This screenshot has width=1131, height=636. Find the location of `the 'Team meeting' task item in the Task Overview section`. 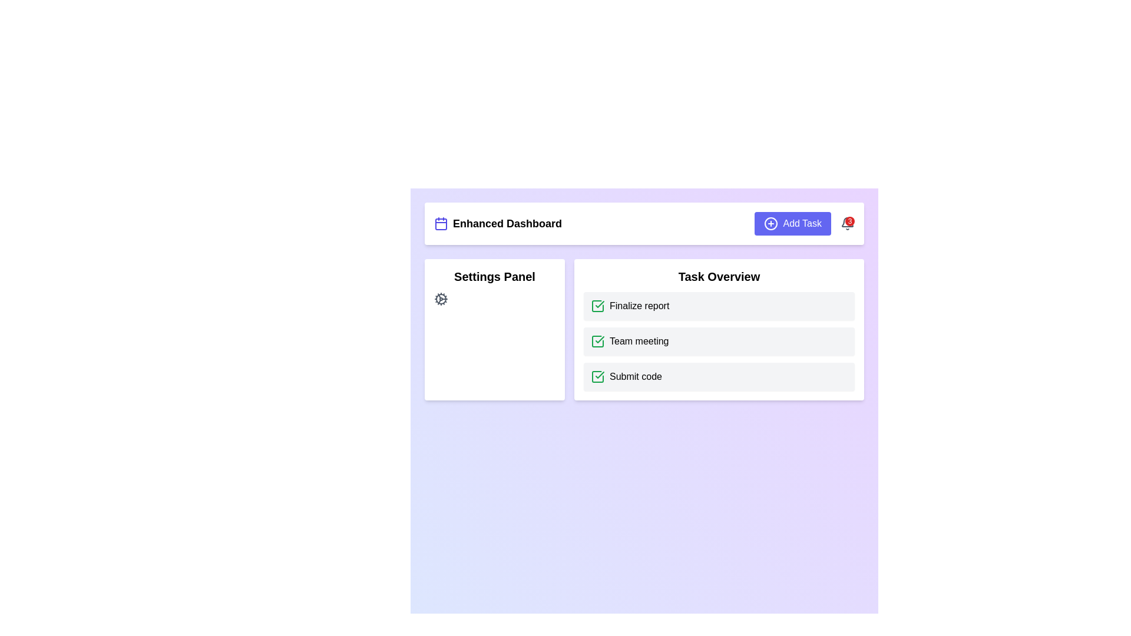

the 'Team meeting' task item in the Task Overview section is located at coordinates (718, 341).